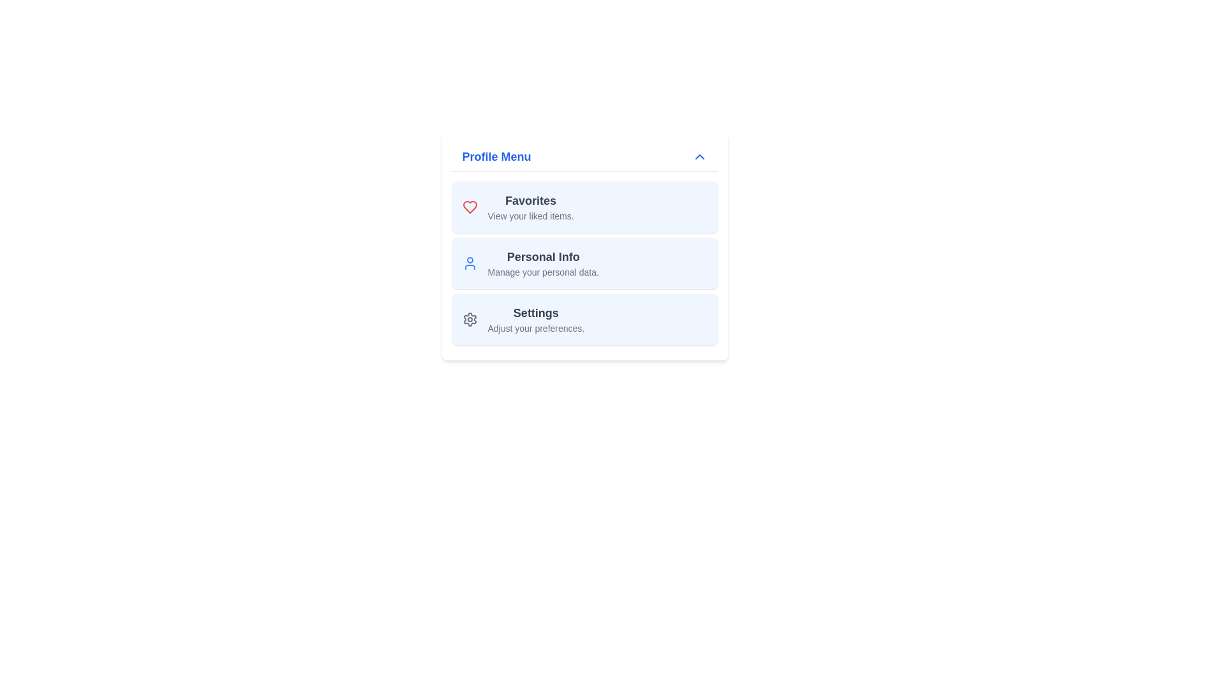 The width and height of the screenshot is (1225, 689). Describe the element at coordinates (536, 319) in the screenshot. I see `the third option in the 'Profile Menu' list, which allows users` at that location.